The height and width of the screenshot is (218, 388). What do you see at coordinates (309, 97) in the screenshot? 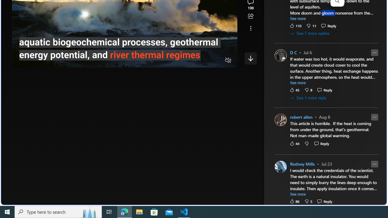
I see `'See 1 more reply'` at bounding box center [309, 97].